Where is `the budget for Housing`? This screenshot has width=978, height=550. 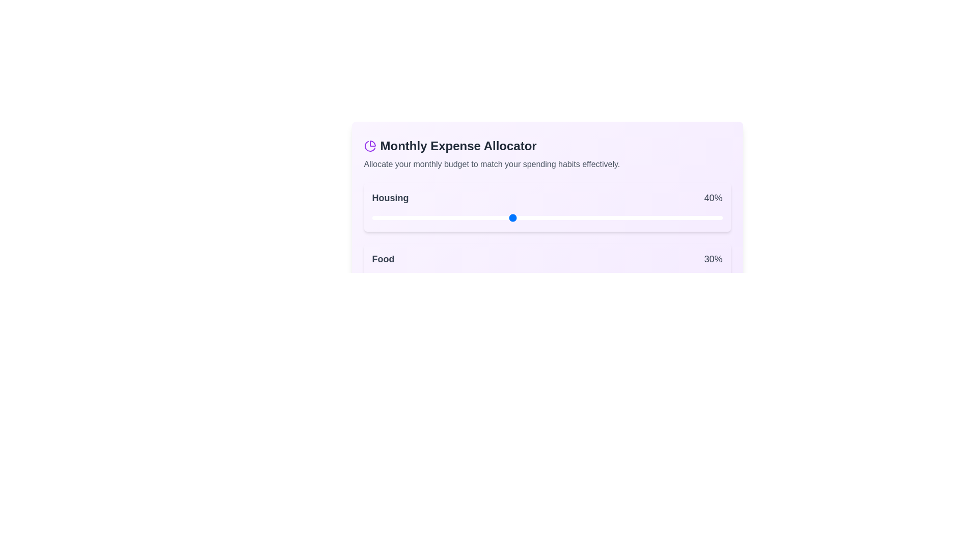
the budget for Housing is located at coordinates (428, 217).